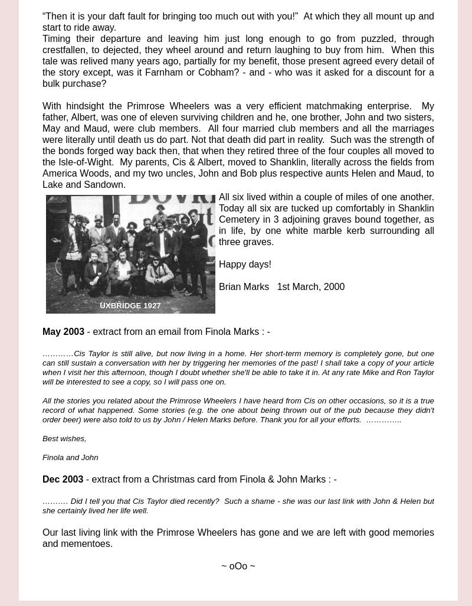 This screenshot has width=472, height=606. What do you see at coordinates (238, 78) in the screenshot?
I see `'who was it asked for a discount for a bulk purchase?'` at bounding box center [238, 78].